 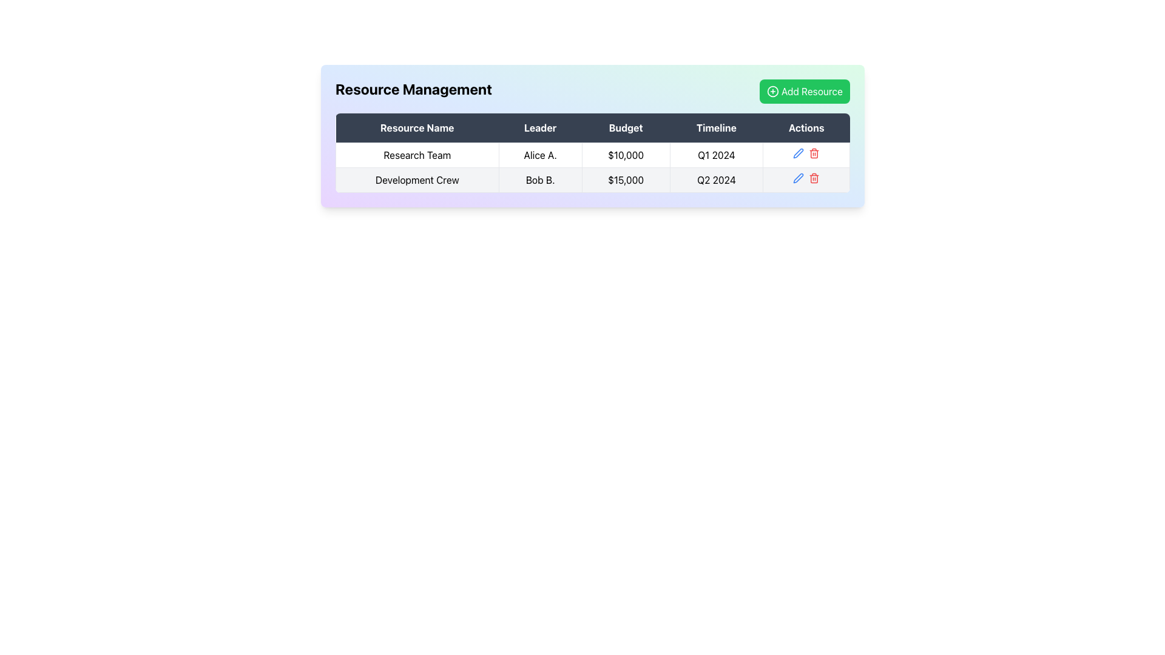 What do you see at coordinates (539, 180) in the screenshot?
I see `the 'Leader' text label in the second row of the resource management table, which is positioned between 'Development Crew' and '$15,000'` at bounding box center [539, 180].